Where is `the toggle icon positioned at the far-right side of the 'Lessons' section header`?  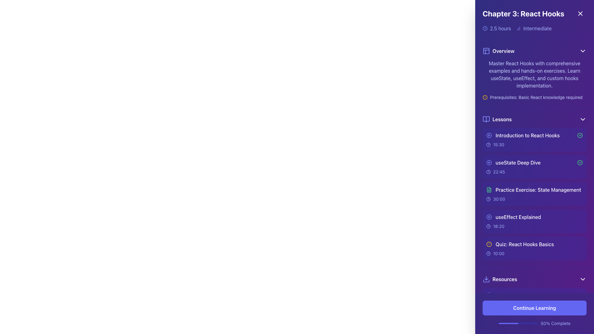 the toggle icon positioned at the far-right side of the 'Lessons' section header is located at coordinates (582, 119).